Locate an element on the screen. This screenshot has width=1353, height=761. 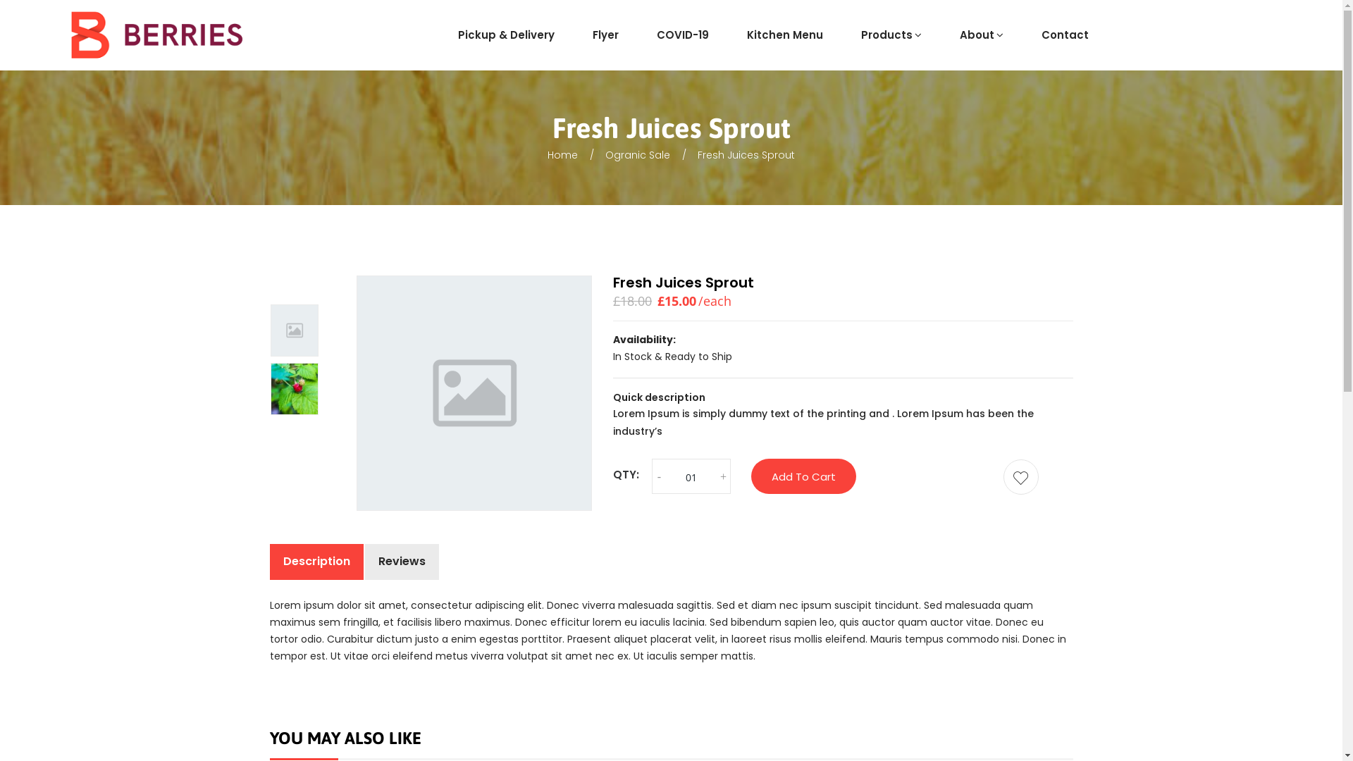
'Contact' is located at coordinates (1024, 35).